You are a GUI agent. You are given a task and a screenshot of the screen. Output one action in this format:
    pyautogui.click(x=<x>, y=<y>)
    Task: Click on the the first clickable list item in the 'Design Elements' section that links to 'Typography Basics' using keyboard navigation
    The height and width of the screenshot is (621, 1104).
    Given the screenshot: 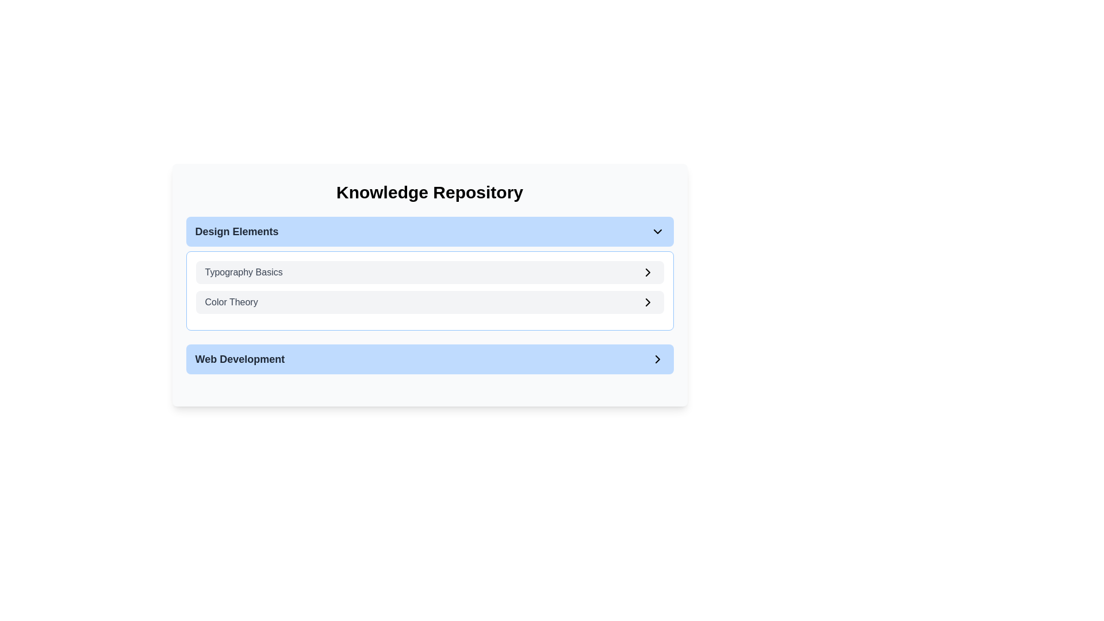 What is the action you would take?
    pyautogui.click(x=429, y=273)
    